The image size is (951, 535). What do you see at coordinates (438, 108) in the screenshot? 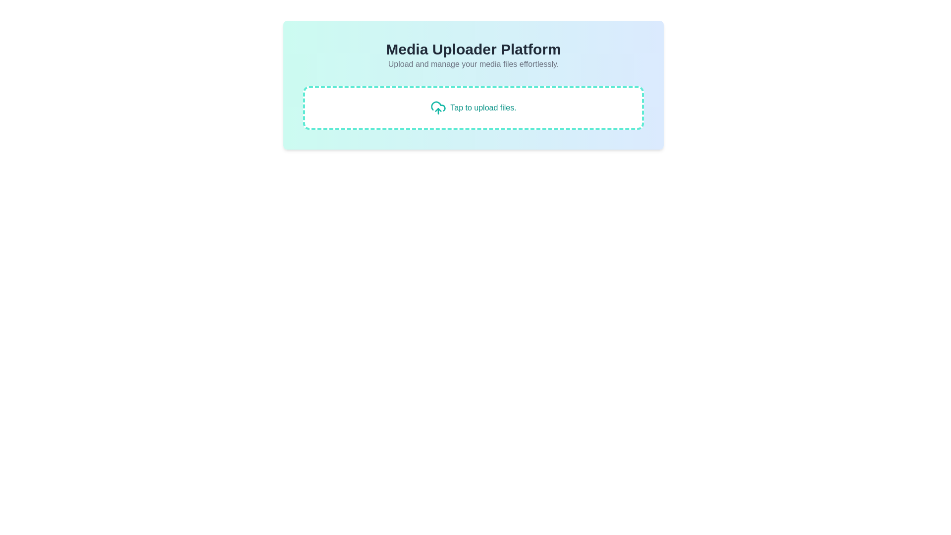
I see `the teal-colored cloud upload icon with an upward-pointing arrow, which is prominently positioned in the upload area to the left of the text 'Tap to upload files.'` at bounding box center [438, 108].